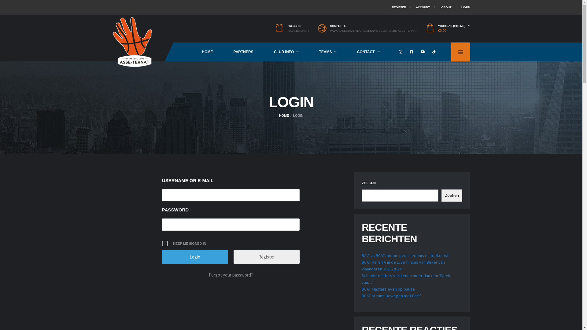  I want to click on 'CONTACT', so click(346, 51).